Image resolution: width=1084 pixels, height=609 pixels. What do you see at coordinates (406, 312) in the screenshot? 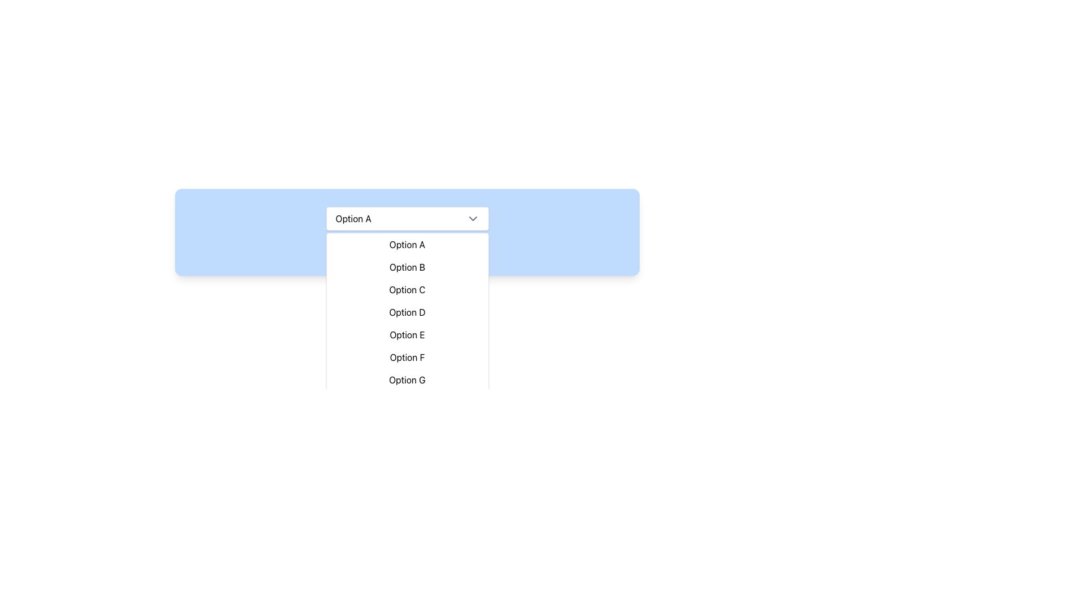
I see `the fourth option in the dropdown list, which assigns the value 'Option D' when selected` at bounding box center [406, 312].